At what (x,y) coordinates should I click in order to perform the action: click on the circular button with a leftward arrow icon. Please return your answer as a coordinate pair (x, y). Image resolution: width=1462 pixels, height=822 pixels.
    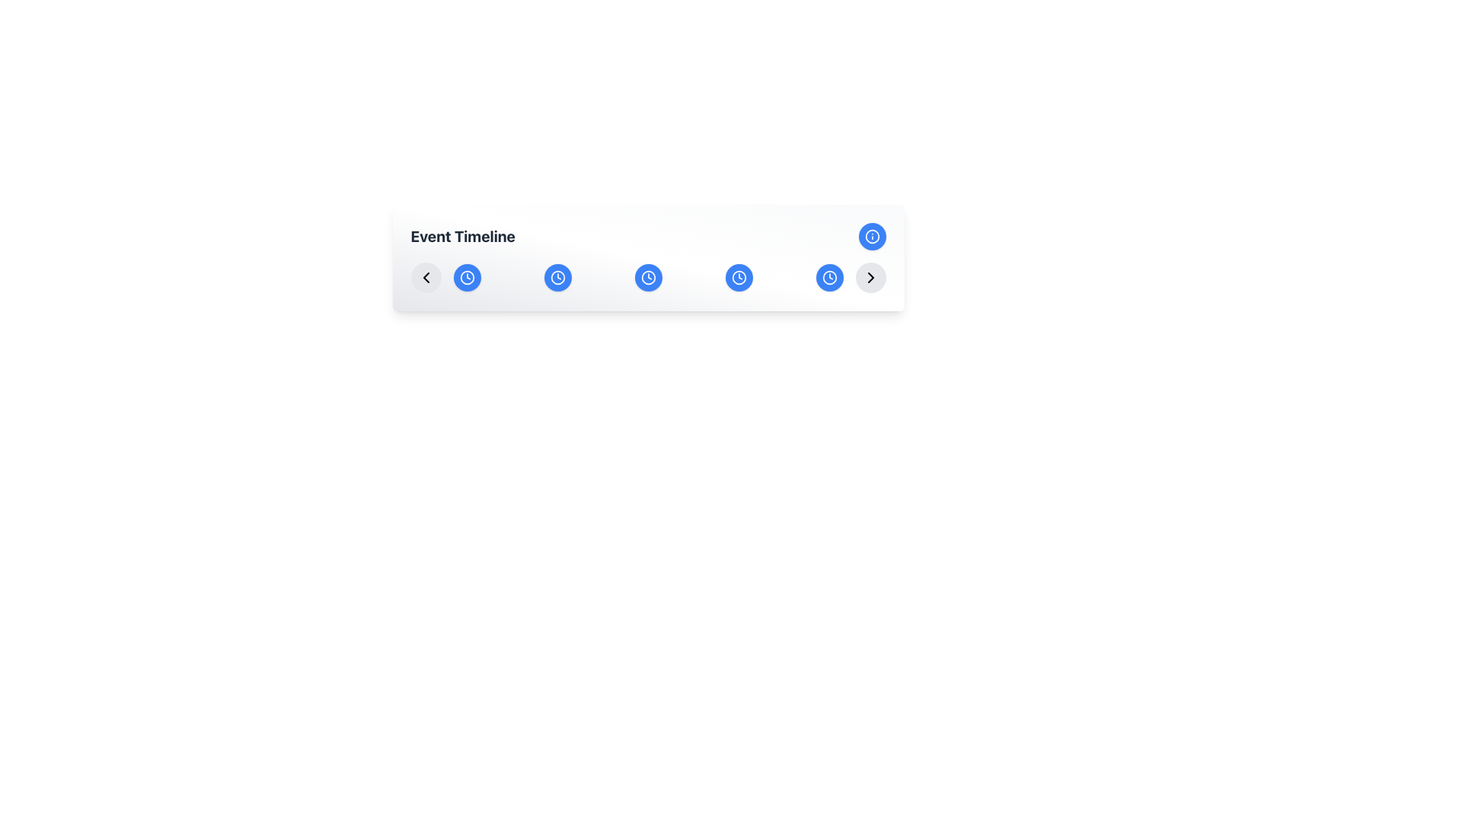
    Looking at the image, I should click on (426, 278).